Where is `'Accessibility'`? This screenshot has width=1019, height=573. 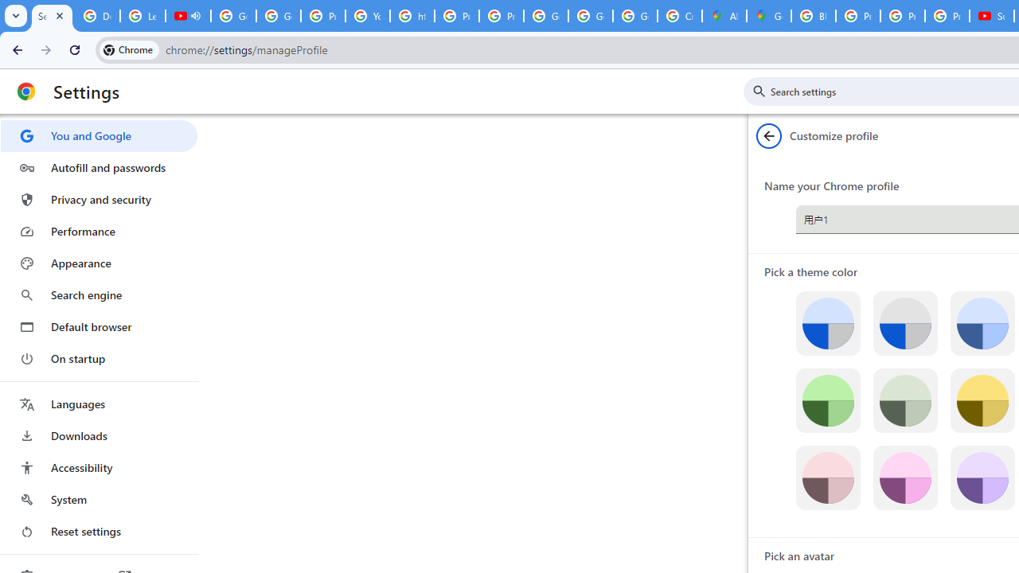
'Accessibility' is located at coordinates (98, 466).